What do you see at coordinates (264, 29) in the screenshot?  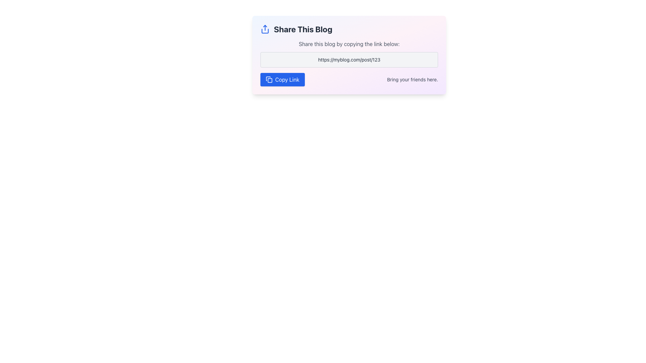 I see `the blue share icon located at the leftmost side of the header area, which resembles a share symbol and is positioned before the 'Share This Blog' text` at bounding box center [264, 29].